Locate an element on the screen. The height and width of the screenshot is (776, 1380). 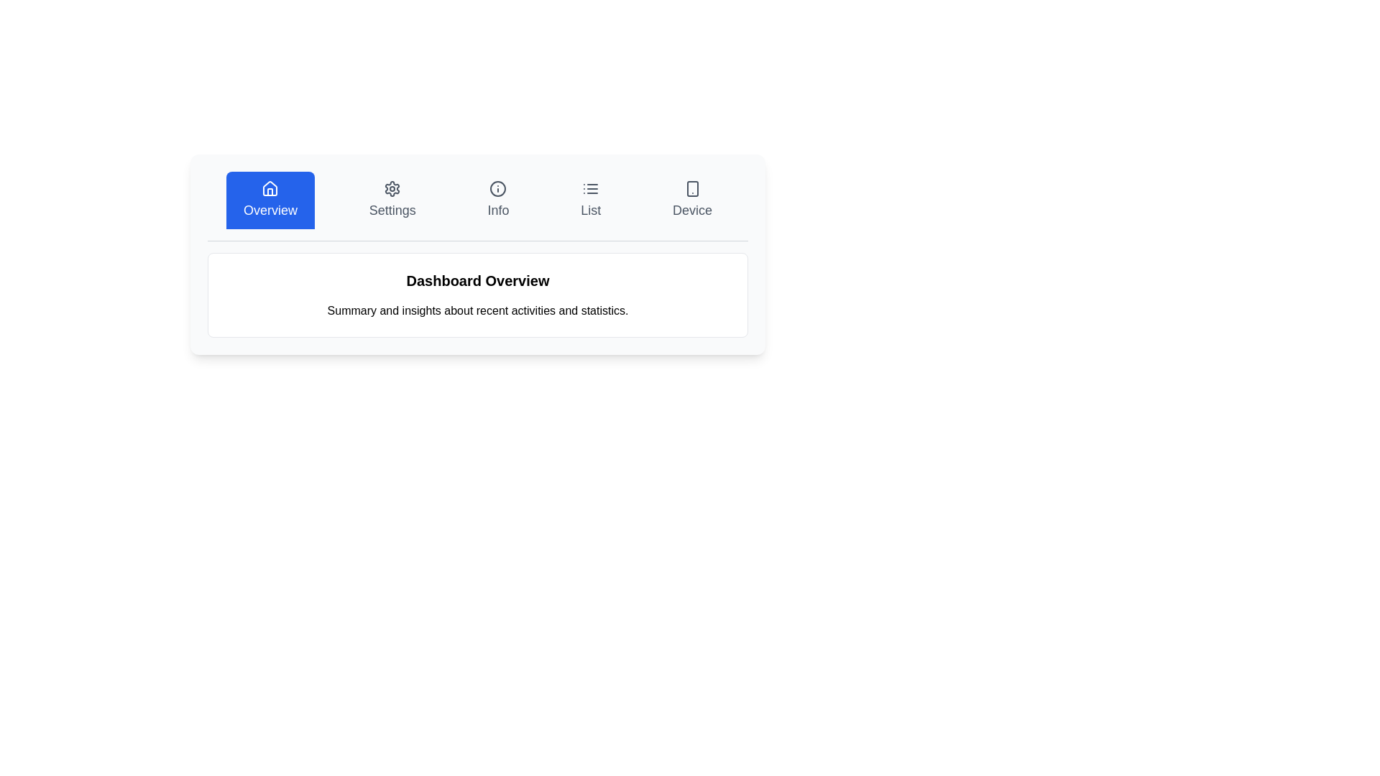
the 'Overview' button with a blue background and white house icon for keyboard navigation is located at coordinates (270, 200).